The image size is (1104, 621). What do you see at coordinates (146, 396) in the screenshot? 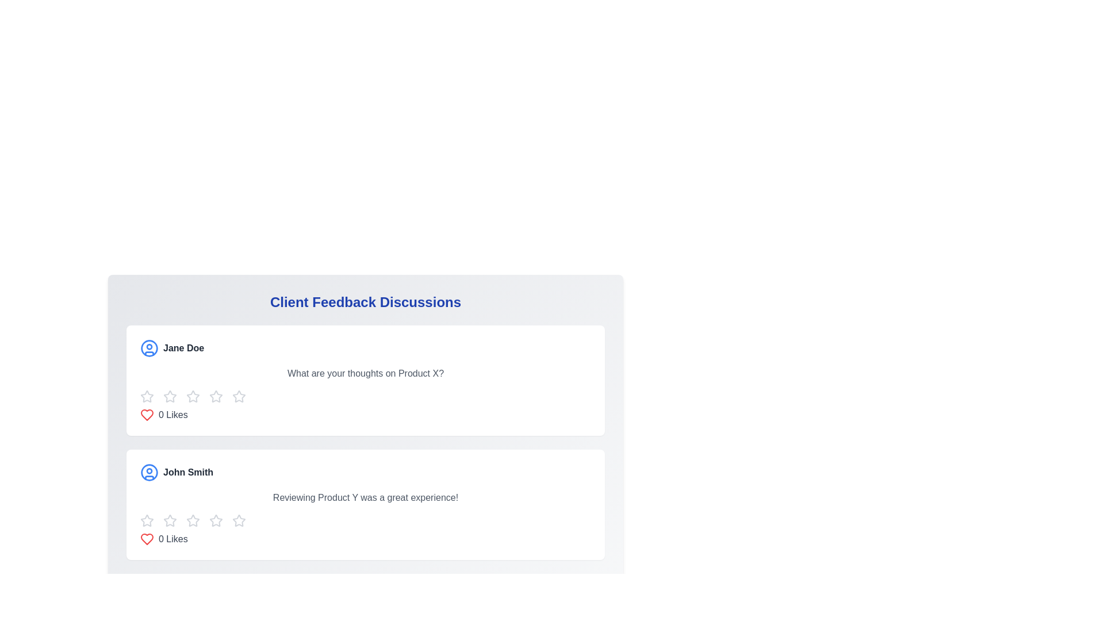
I see `the first rating star icon in the feedback section for 'Jane Doe'` at bounding box center [146, 396].